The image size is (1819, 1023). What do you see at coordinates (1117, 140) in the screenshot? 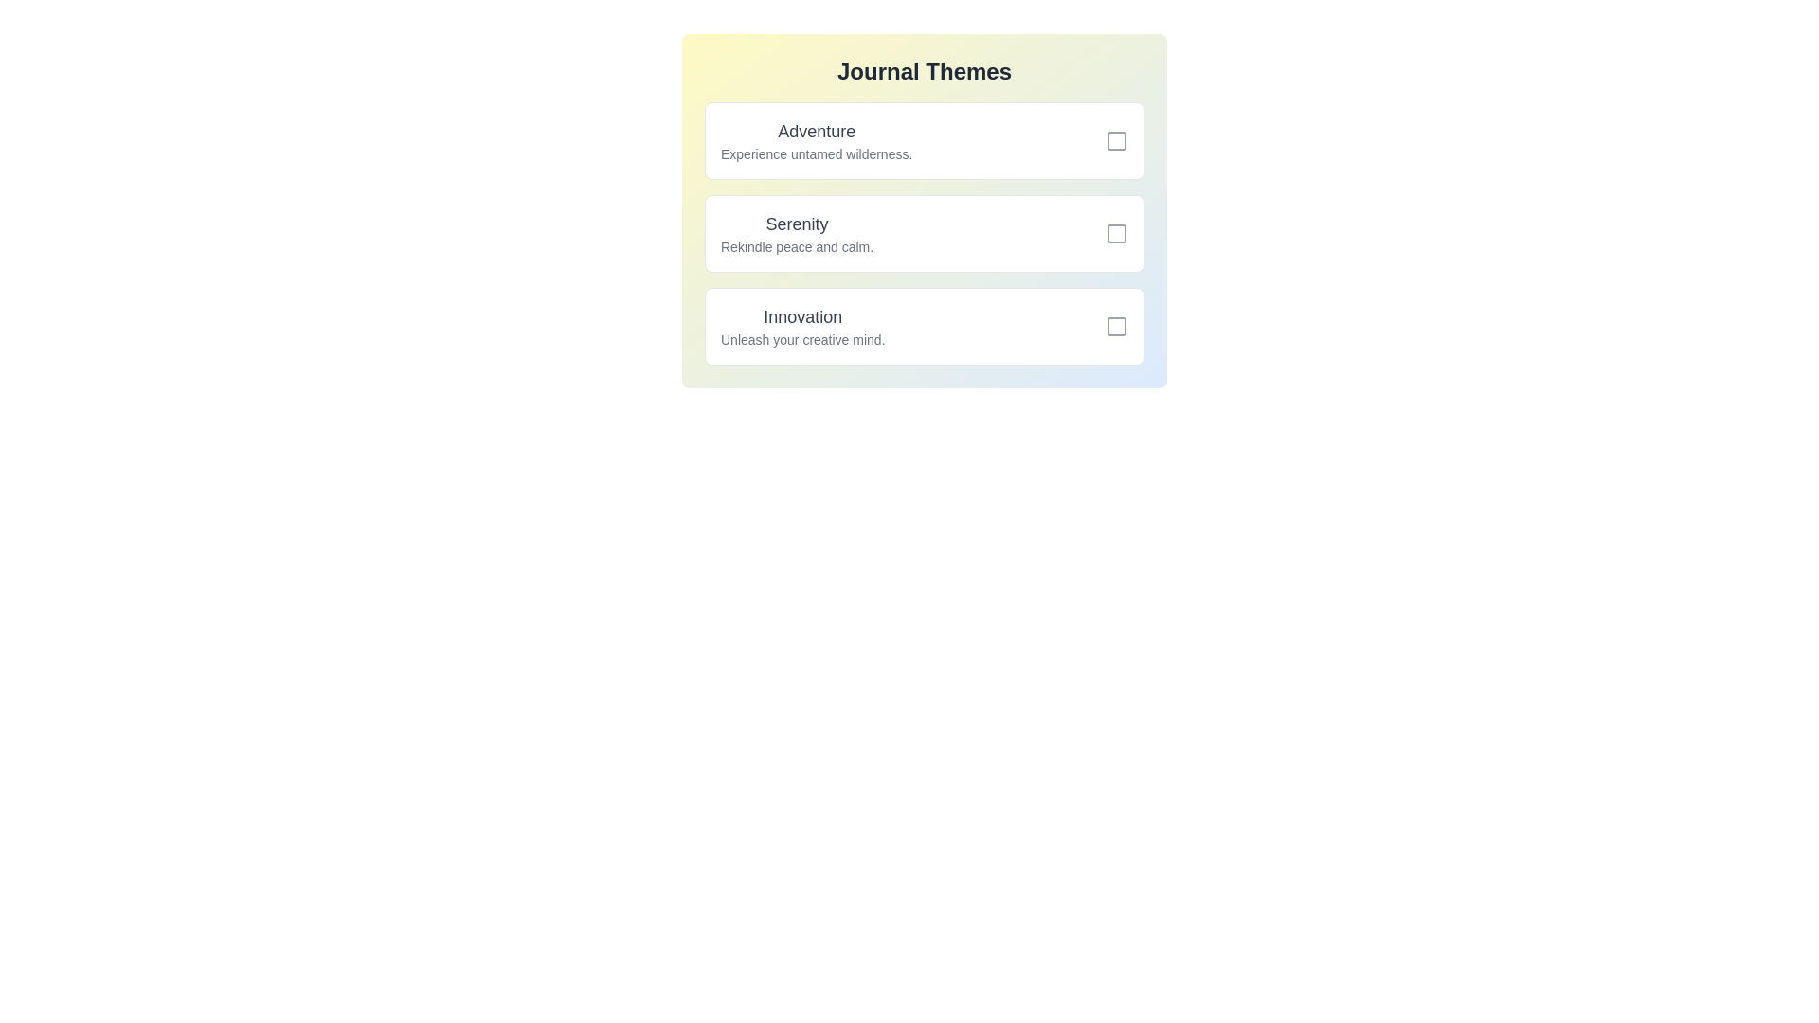
I see `the checkbox indicator for the 'Adventure' journal theme option` at bounding box center [1117, 140].